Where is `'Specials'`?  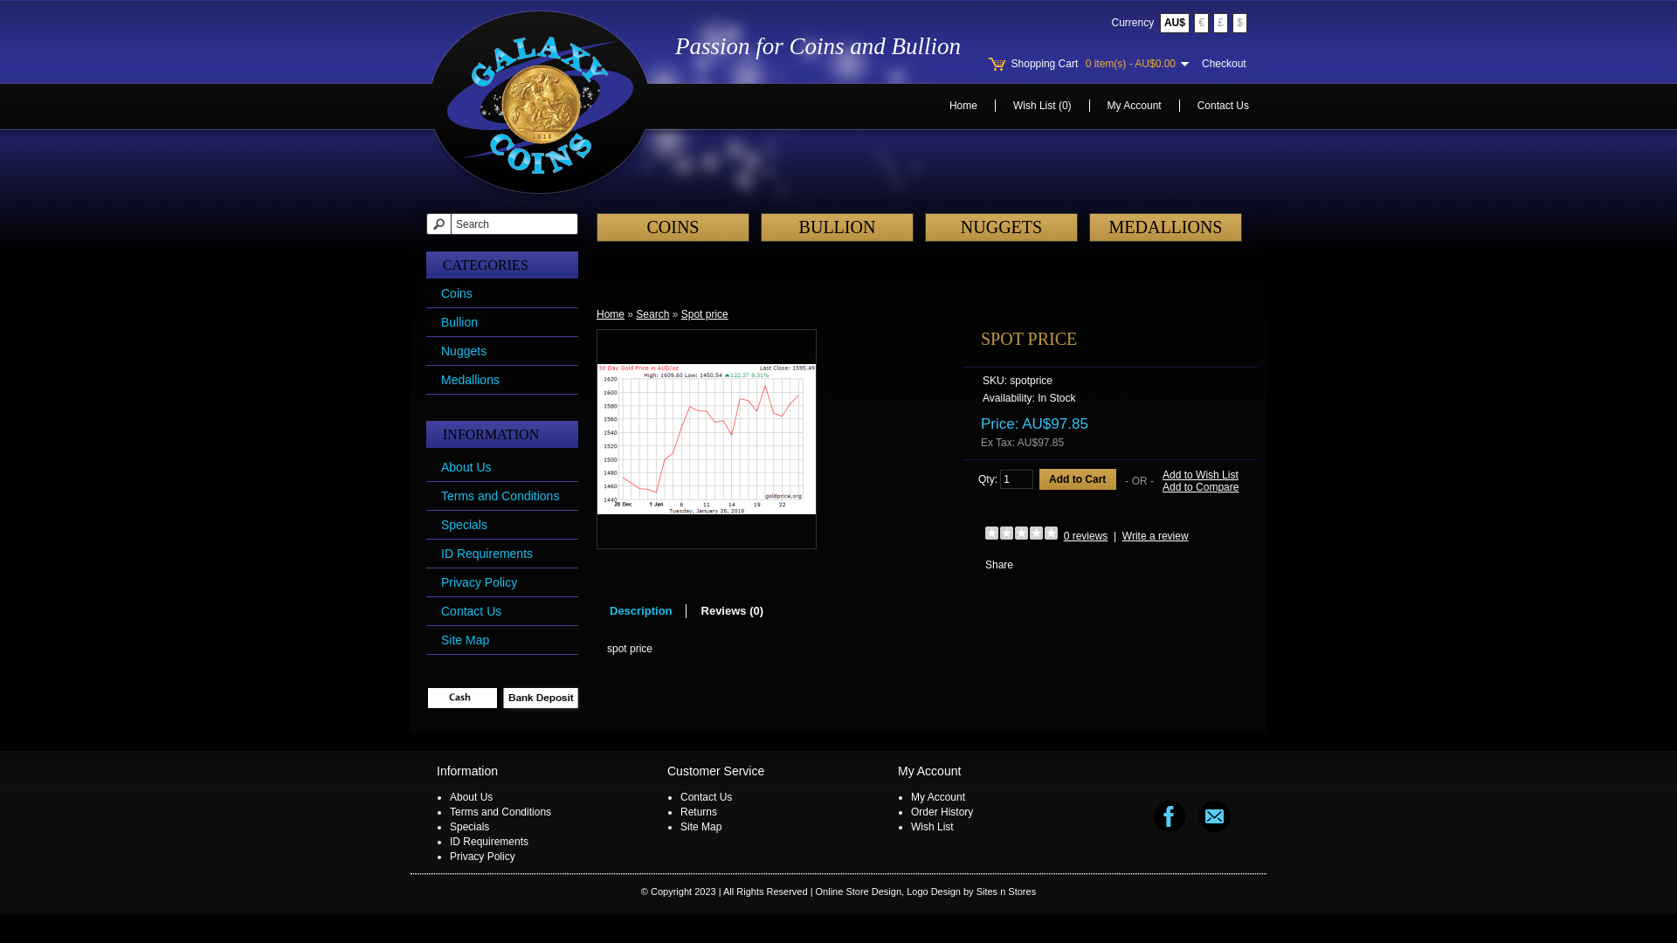 'Specials' is located at coordinates (449, 826).